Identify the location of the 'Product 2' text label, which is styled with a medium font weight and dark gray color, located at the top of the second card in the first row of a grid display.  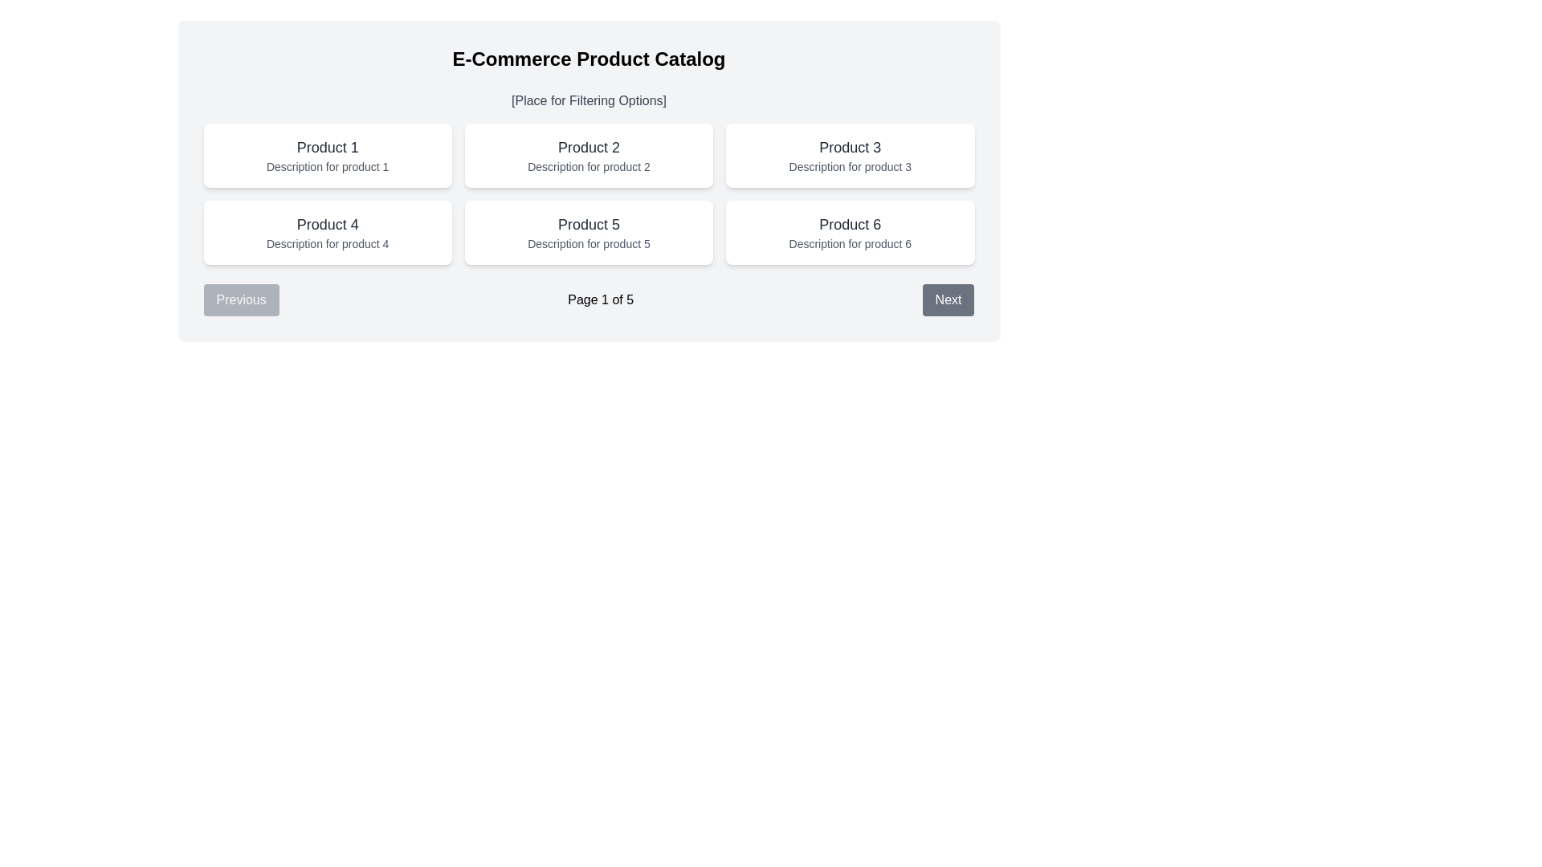
(588, 148).